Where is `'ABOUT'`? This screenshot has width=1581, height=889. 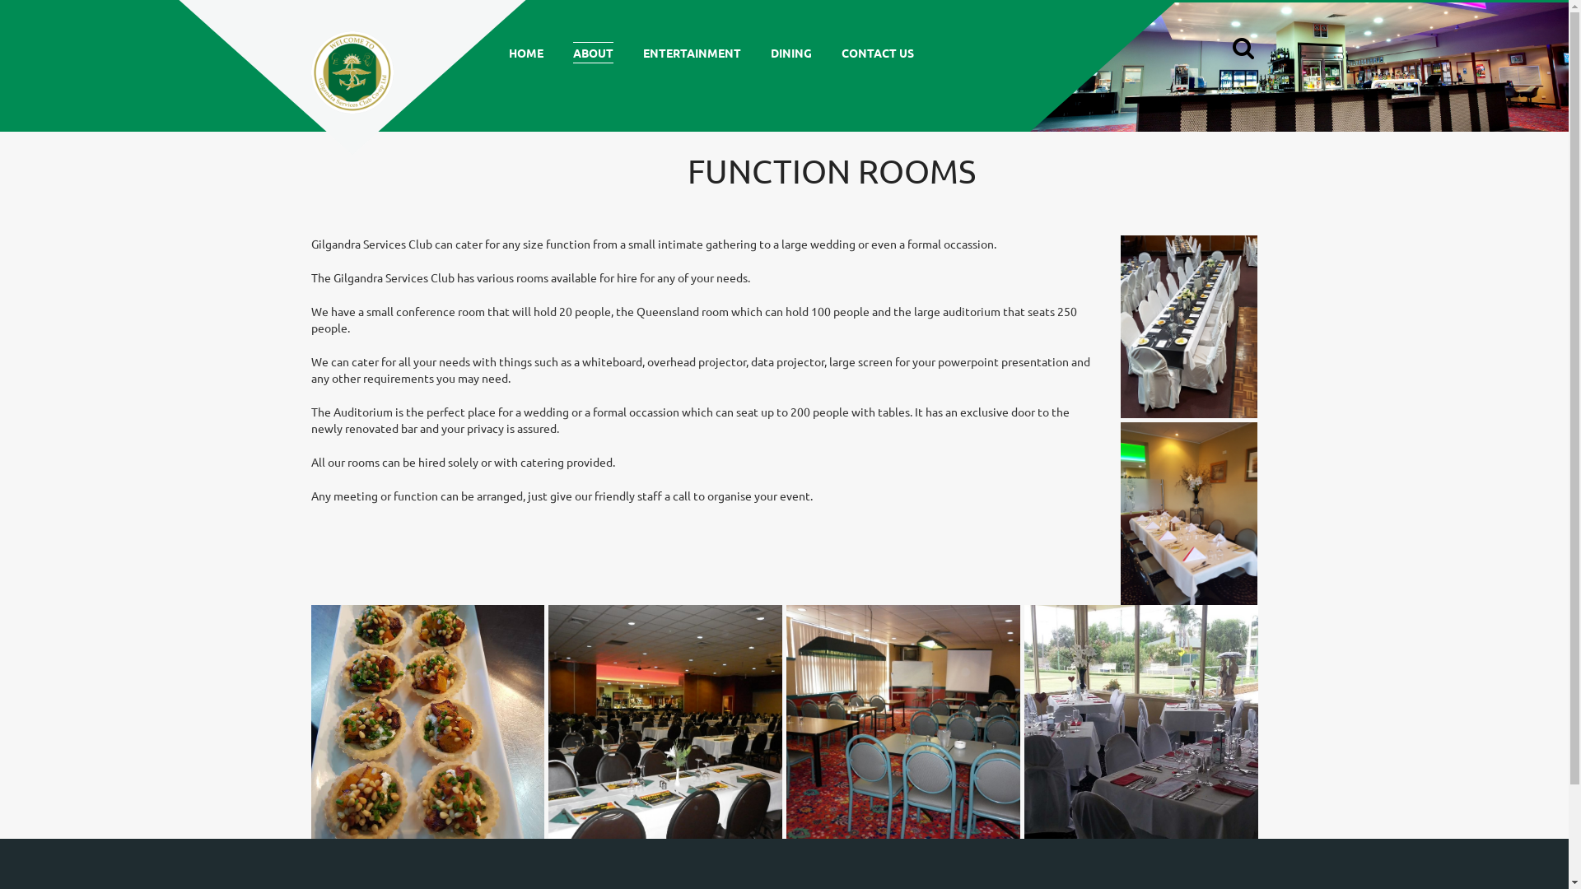
'ABOUT' is located at coordinates (593, 52).